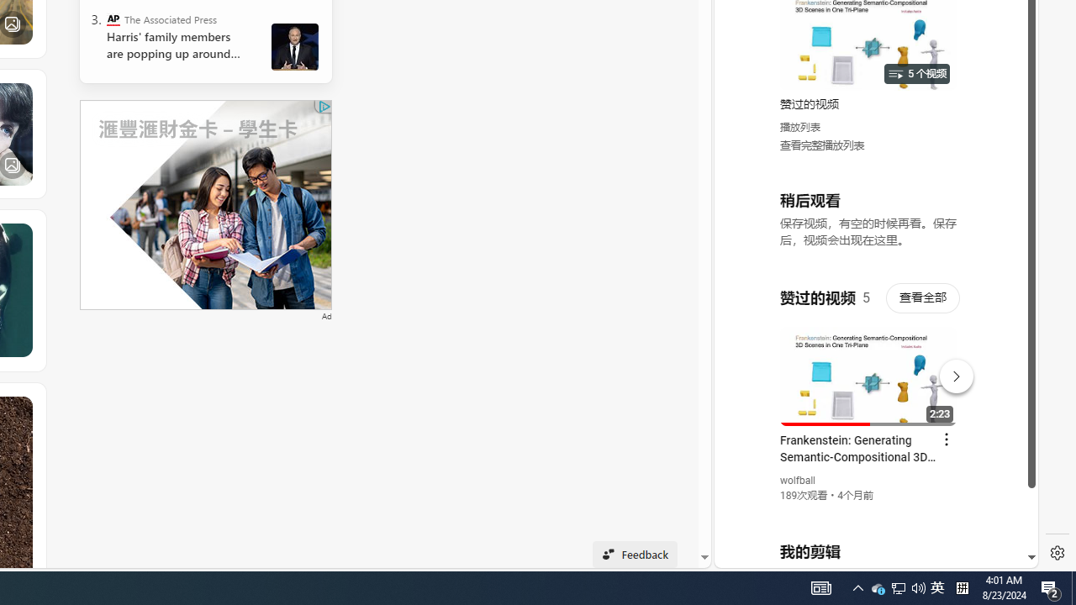 Image resolution: width=1076 pixels, height=605 pixels. Describe the element at coordinates (1057, 553) in the screenshot. I see `'Settings'` at that location.